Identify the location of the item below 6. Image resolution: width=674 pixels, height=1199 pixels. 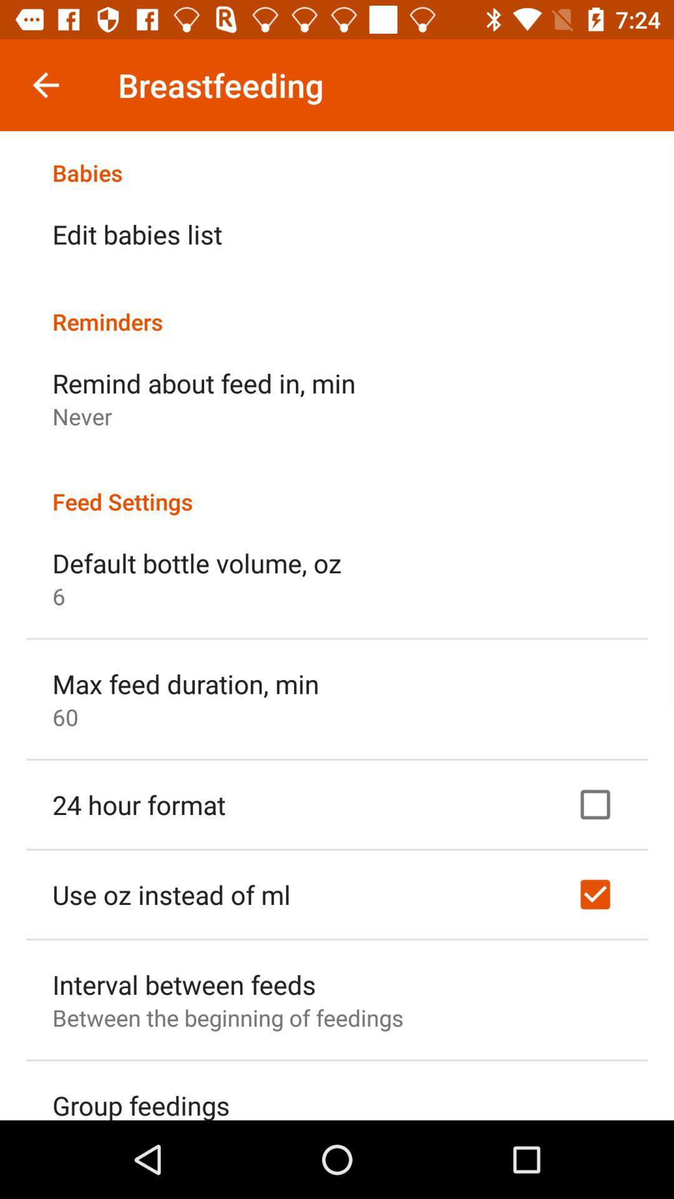
(185, 683).